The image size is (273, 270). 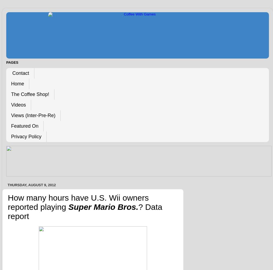 I want to click on 'Super Mario Bros.', so click(x=103, y=207).